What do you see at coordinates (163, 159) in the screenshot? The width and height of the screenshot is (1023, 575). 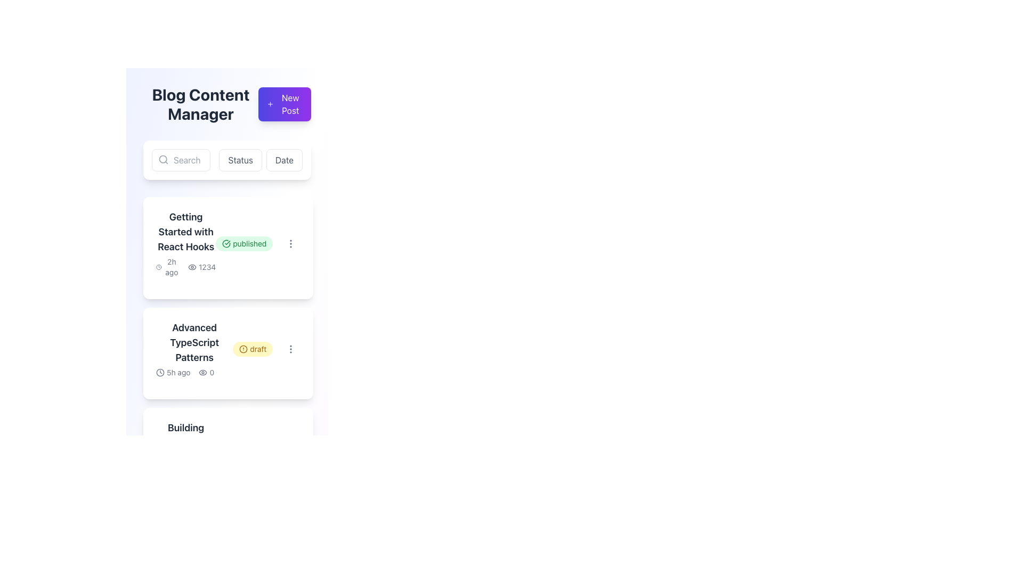 I see `the circular lens part of the magnifying glass icon, which is positioned in the top-left corner next to the 'Search' button` at bounding box center [163, 159].